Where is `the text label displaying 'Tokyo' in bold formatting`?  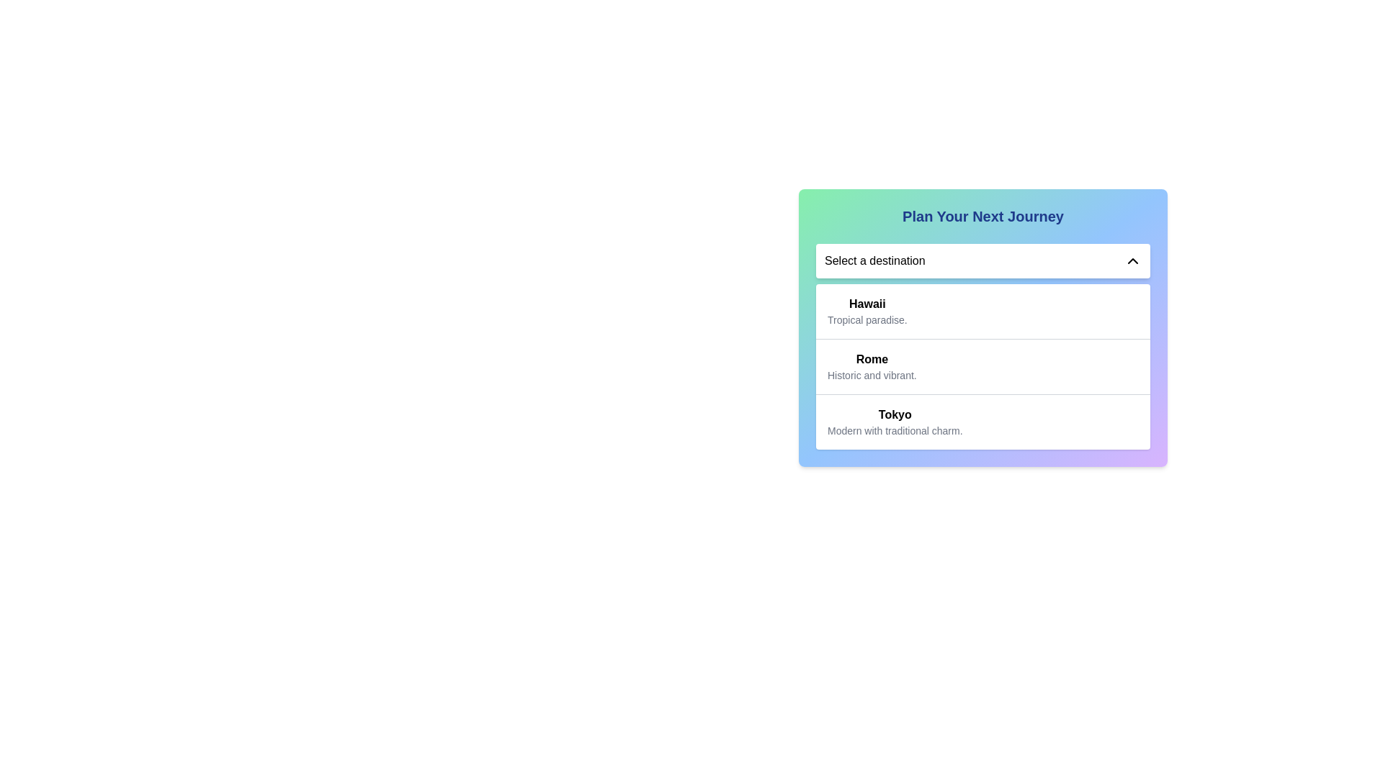 the text label displaying 'Tokyo' in bold formatting is located at coordinates (894, 415).